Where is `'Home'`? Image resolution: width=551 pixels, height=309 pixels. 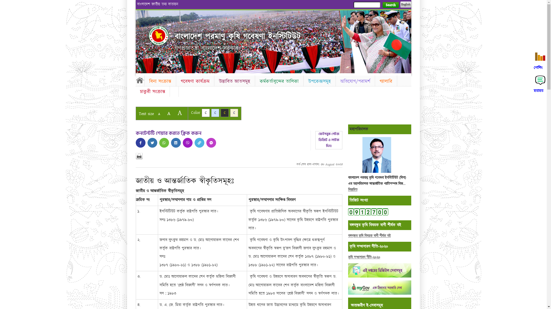 'Home' is located at coordinates (139, 80).